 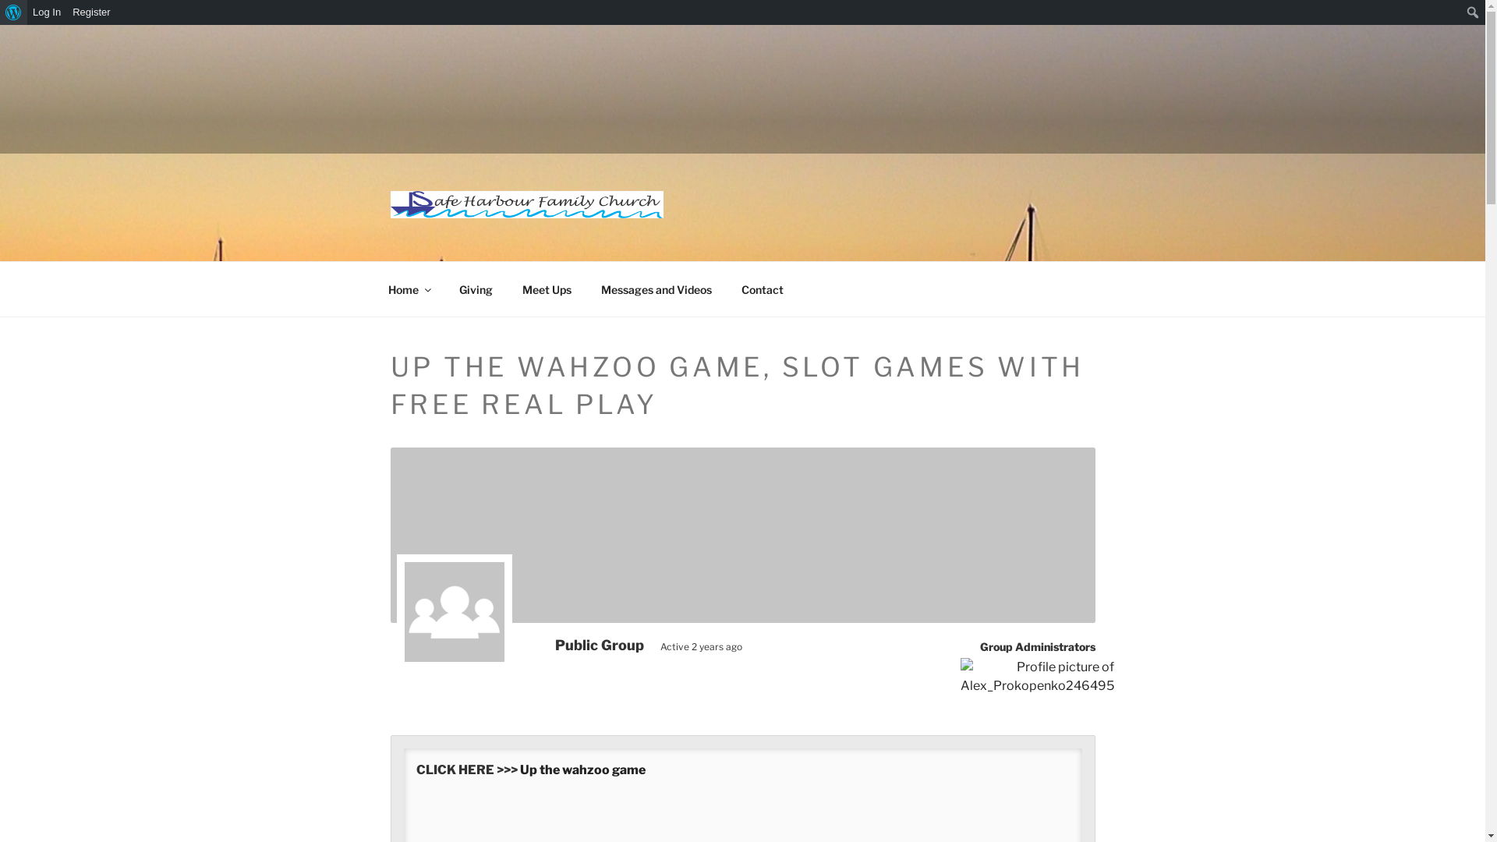 I want to click on 'Skip to content', so click(x=0, y=25).